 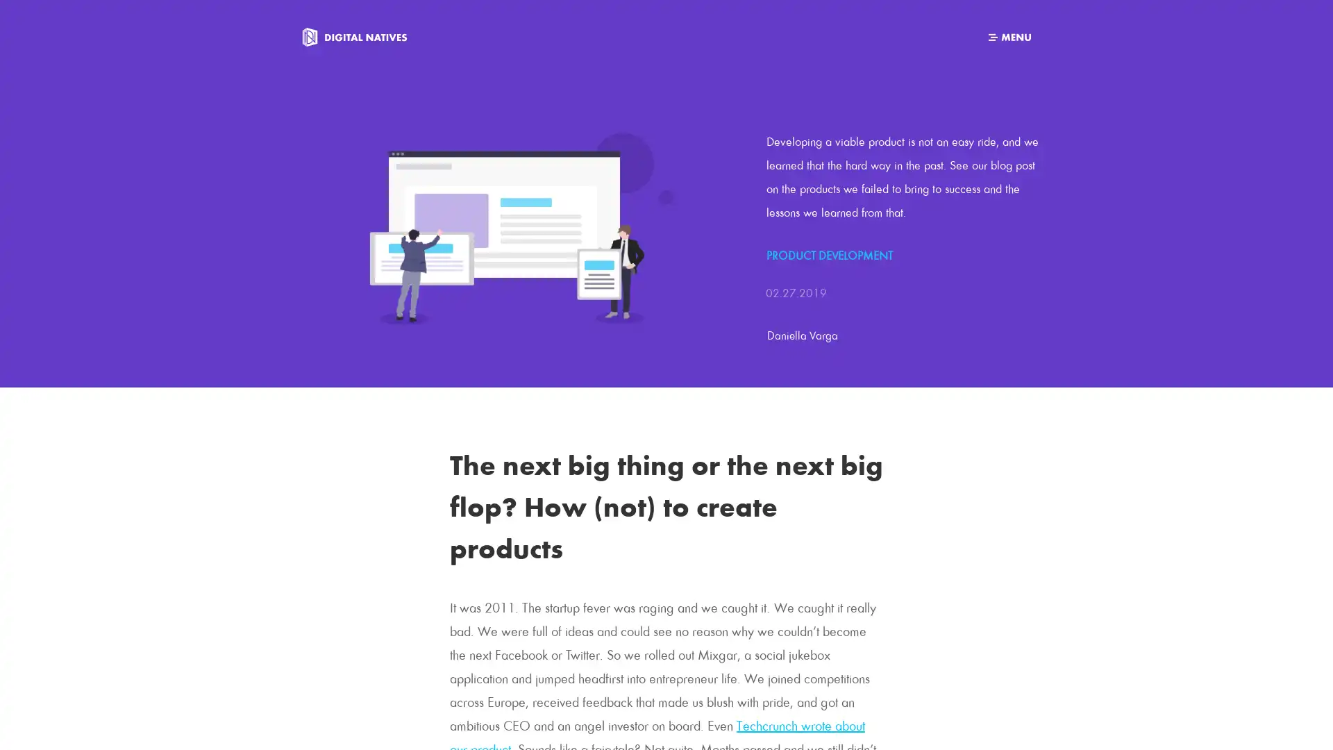 What do you see at coordinates (851, 728) in the screenshot?
I see `Accept` at bounding box center [851, 728].